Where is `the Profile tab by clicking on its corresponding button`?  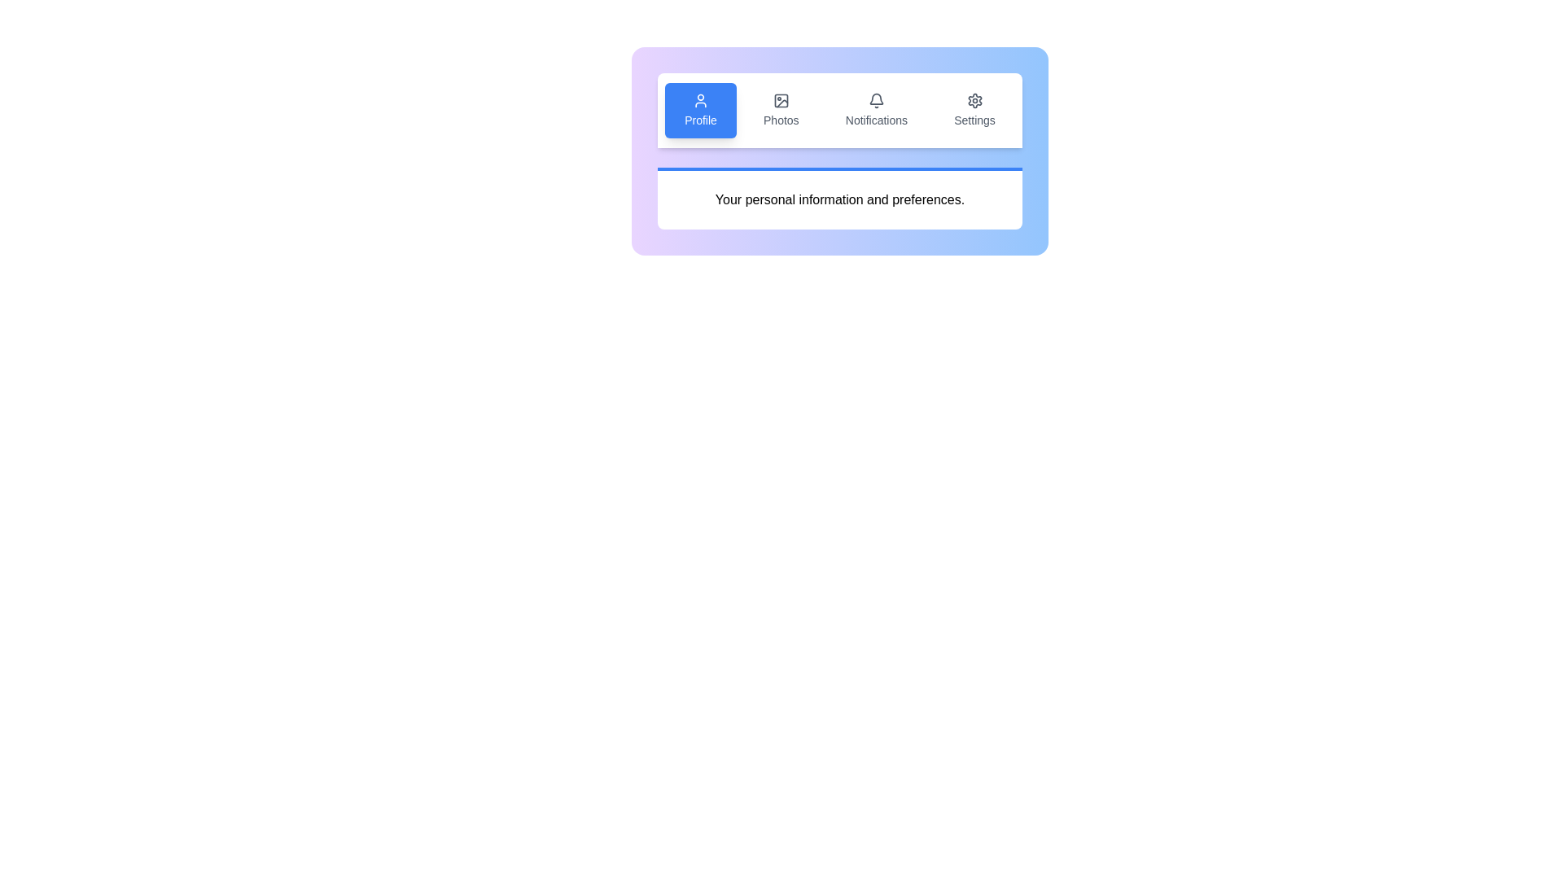 the Profile tab by clicking on its corresponding button is located at coordinates (700, 110).